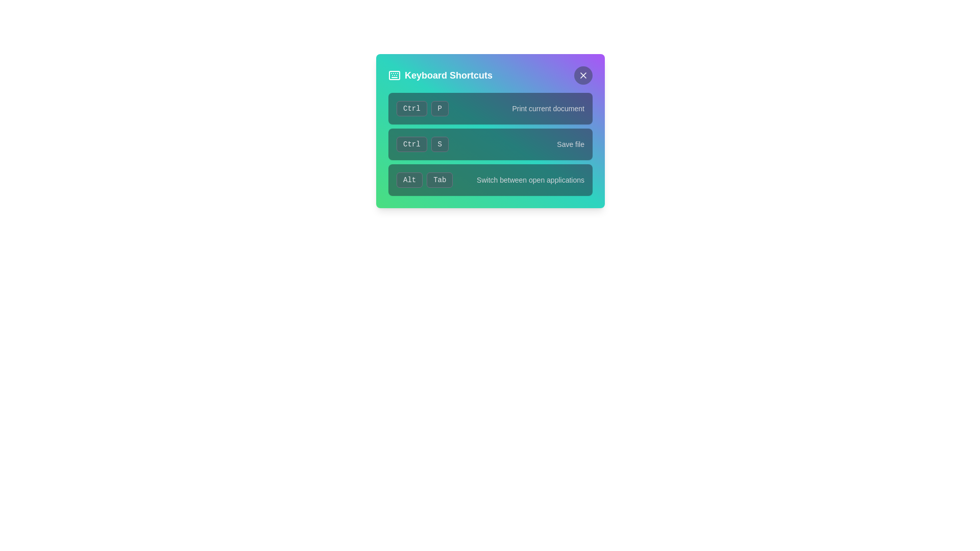  Describe the element at coordinates (411, 108) in the screenshot. I see `the 'Ctrl' keyboard key label button, which is a rectangular button with a rounded border, located in the top input row of the 'Keyboard Shortcuts' modal` at that location.